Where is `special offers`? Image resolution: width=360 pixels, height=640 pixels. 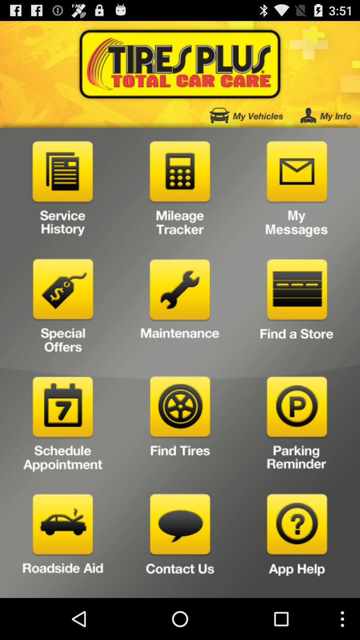
special offers is located at coordinates (63, 308).